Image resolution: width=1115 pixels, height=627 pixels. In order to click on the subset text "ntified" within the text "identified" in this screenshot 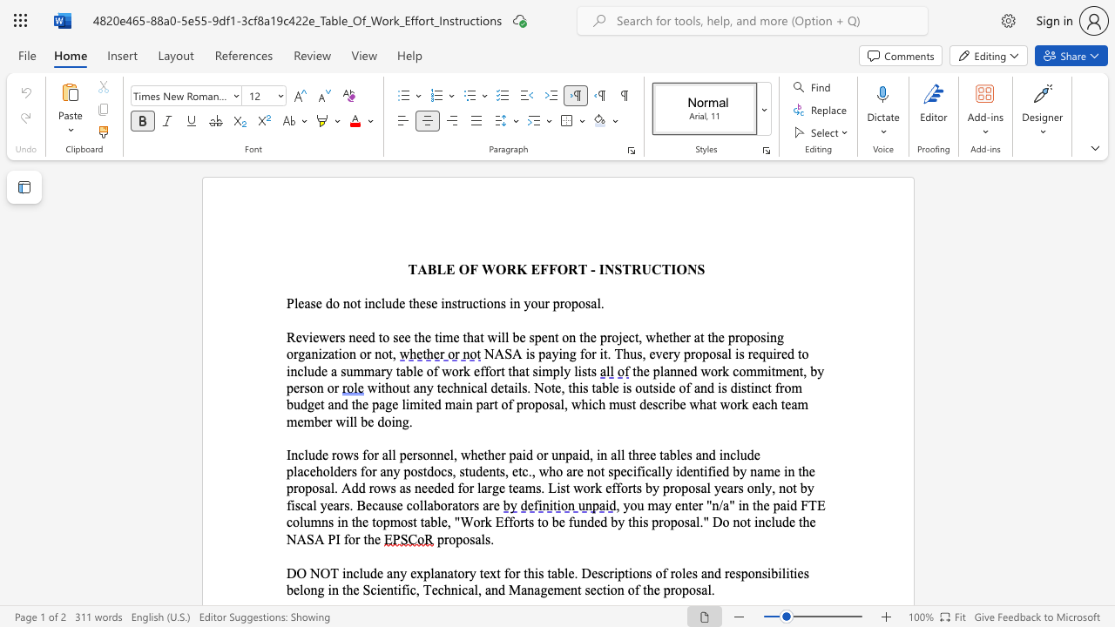, I will do `click(692, 471)`.